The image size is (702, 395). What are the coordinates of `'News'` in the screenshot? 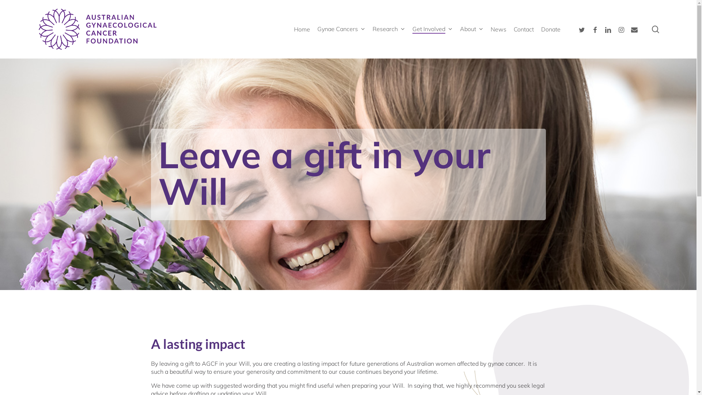 It's located at (498, 29).